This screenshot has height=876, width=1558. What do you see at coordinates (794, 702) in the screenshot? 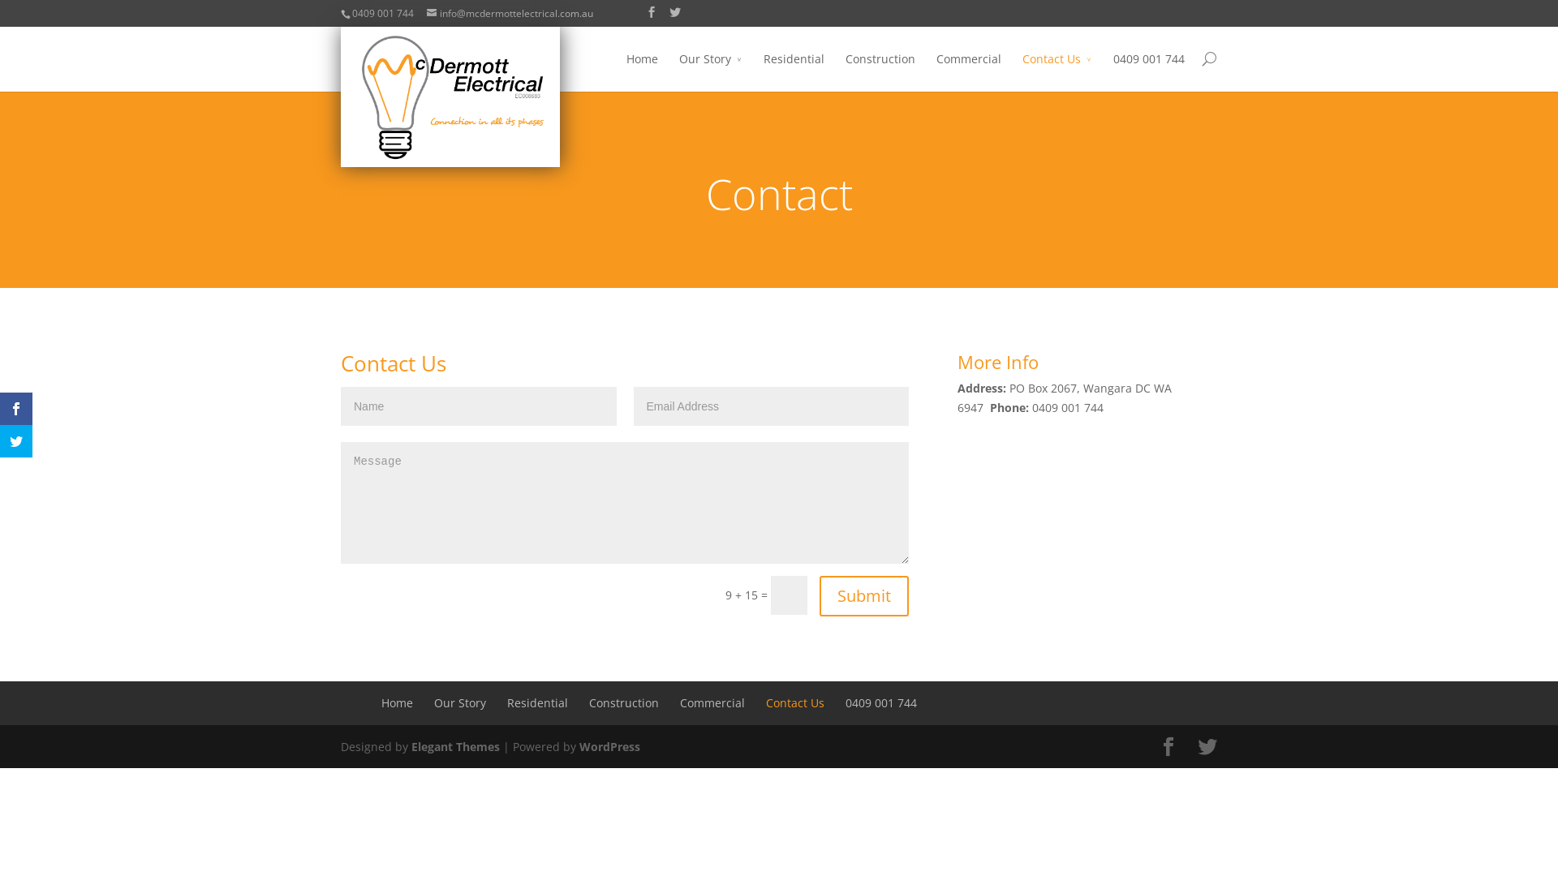
I see `'Contact Us'` at bounding box center [794, 702].